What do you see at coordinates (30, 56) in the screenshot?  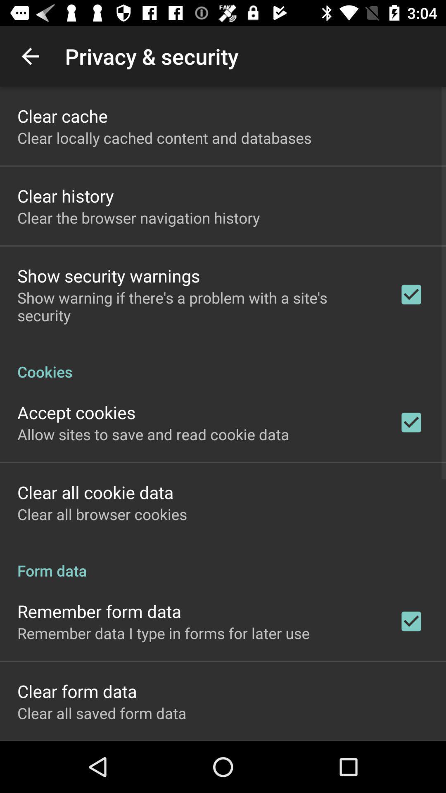 I see `app to the left of privacy & security item` at bounding box center [30, 56].